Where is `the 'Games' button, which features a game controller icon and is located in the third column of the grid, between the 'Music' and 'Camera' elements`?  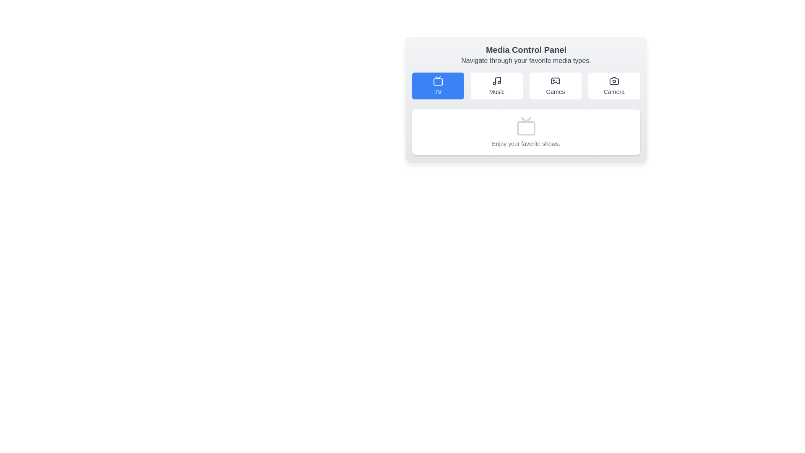
the 'Games' button, which features a game controller icon and is located in the third column of the grid, between the 'Music' and 'Camera' elements is located at coordinates (555, 86).